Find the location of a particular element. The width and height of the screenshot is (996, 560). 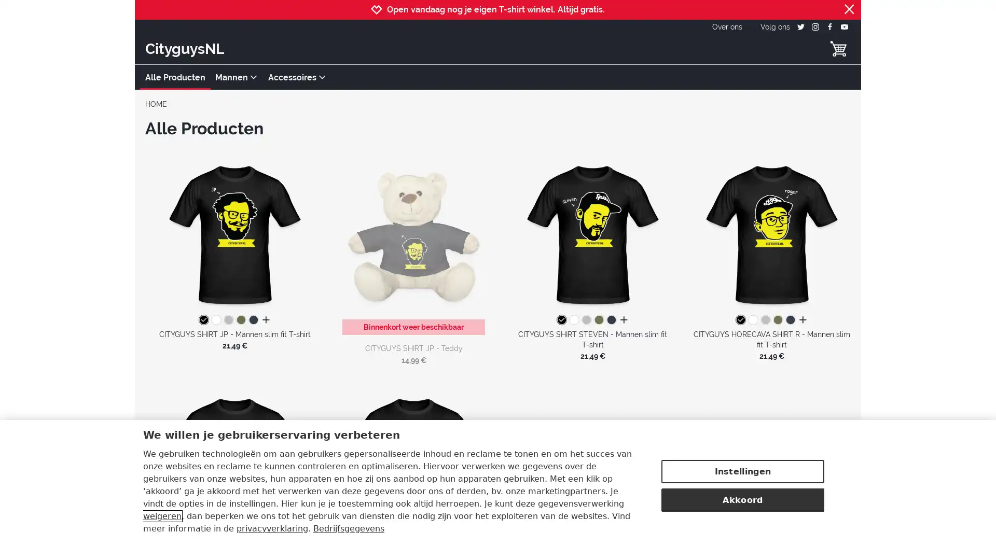

navy is located at coordinates (611, 320).